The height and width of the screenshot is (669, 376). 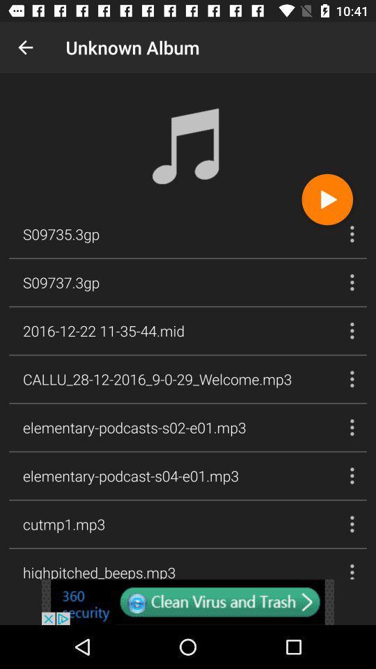 What do you see at coordinates (188, 601) in the screenshot?
I see `open advertisement` at bounding box center [188, 601].